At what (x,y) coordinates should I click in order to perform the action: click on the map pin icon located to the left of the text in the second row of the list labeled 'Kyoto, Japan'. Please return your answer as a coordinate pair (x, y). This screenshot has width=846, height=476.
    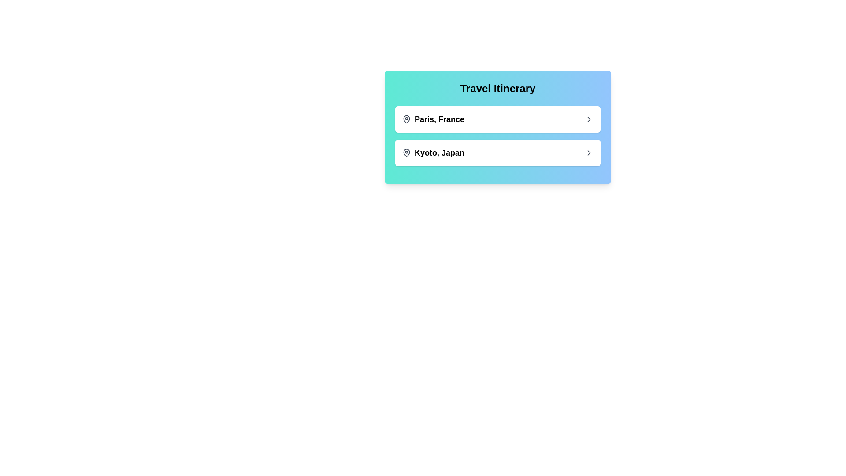
    Looking at the image, I should click on (406, 152).